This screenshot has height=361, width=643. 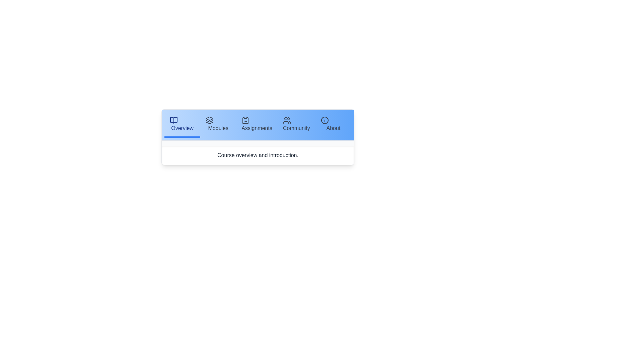 I want to click on the 'About' tab, which is a rectangular button with an information icon above the text, located at the far-right end of the navigation bar, so click(x=333, y=125).